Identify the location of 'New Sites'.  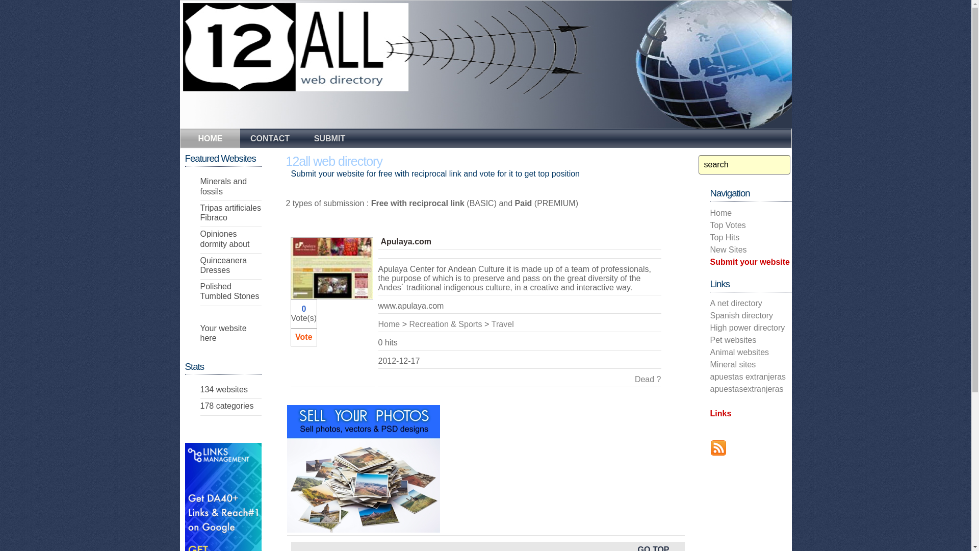
(727, 249).